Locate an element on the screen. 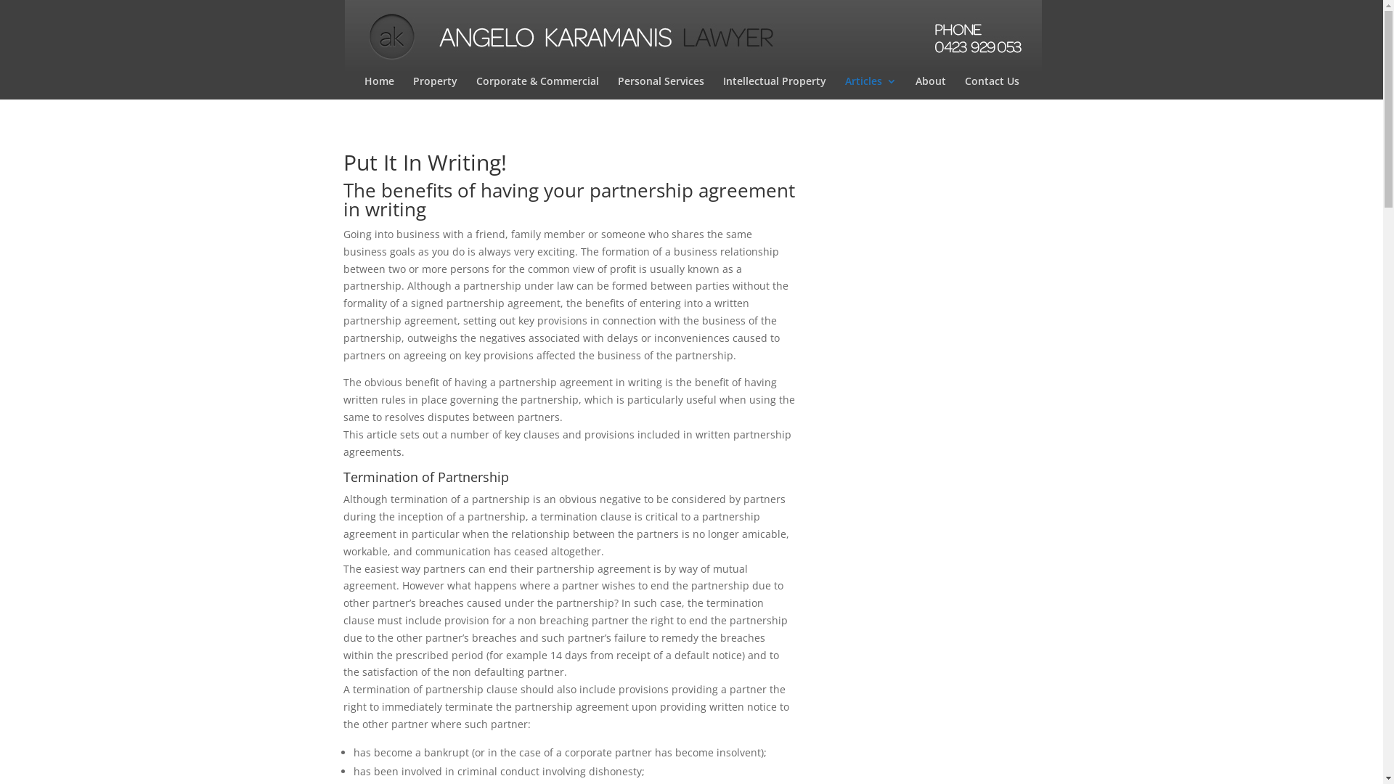 This screenshot has width=1394, height=784. 'Home' is located at coordinates (379, 87).